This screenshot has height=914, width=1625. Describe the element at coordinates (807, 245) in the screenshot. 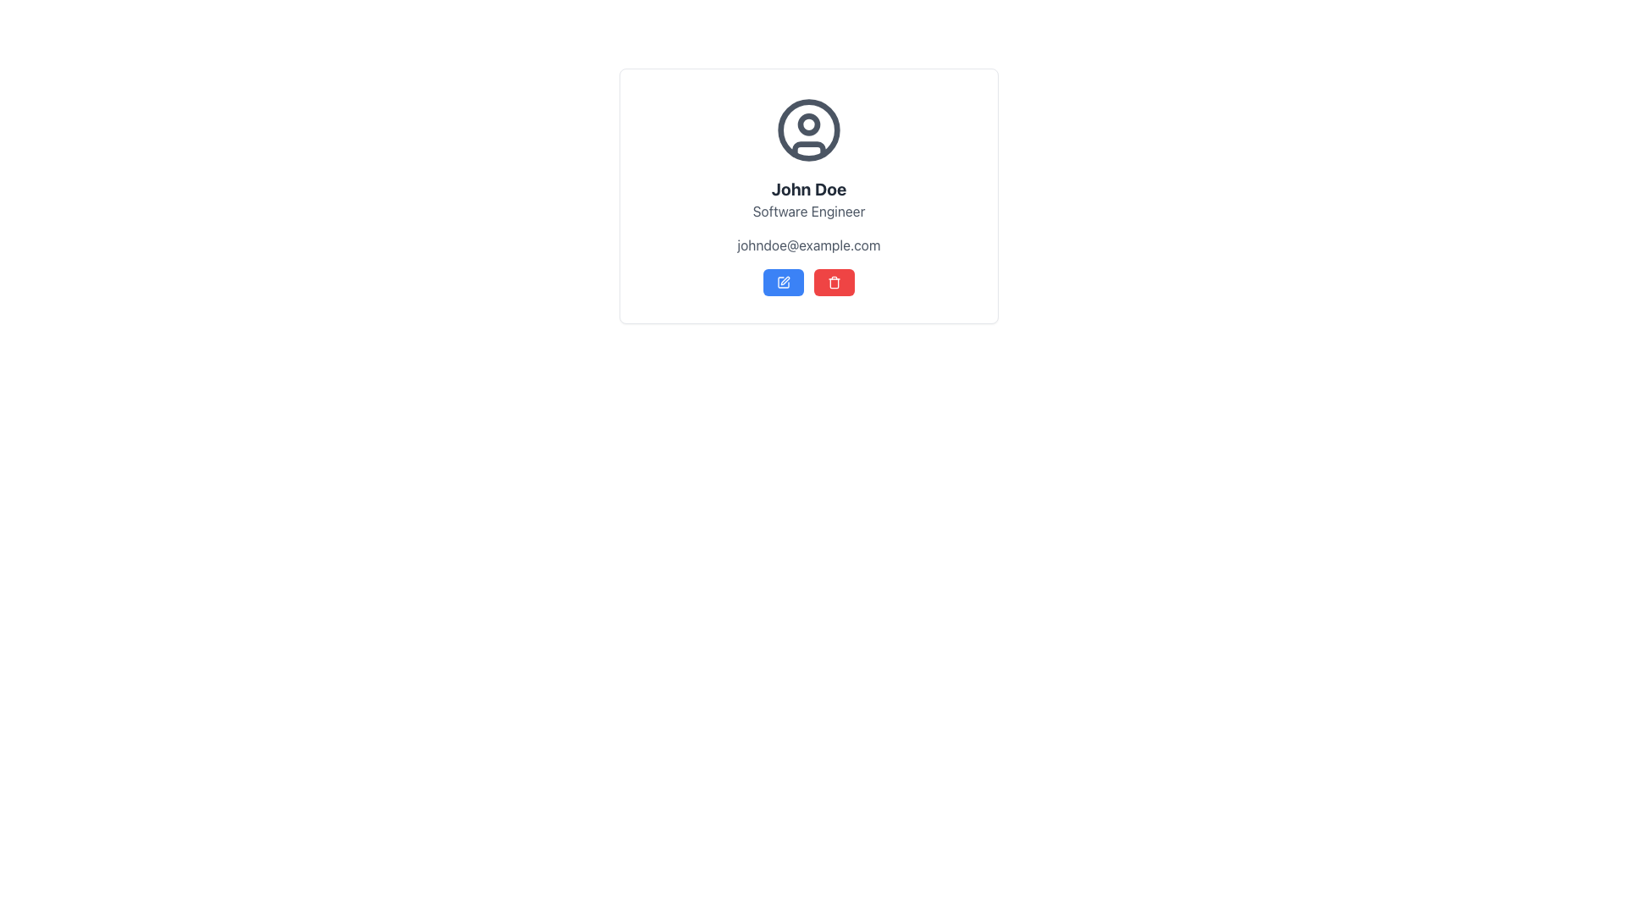

I see `the text element displaying 'johndoe@example.com', which is located beneath the title 'Software Engineer' within the user information card` at that location.